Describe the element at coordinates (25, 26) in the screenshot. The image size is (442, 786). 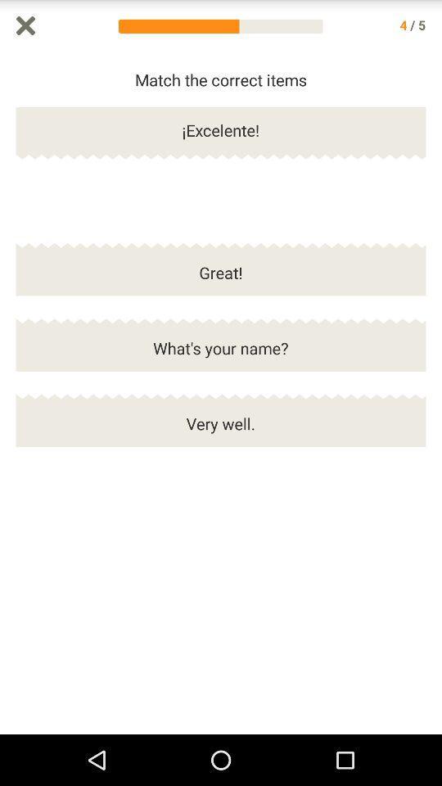
I see `the close icon` at that location.